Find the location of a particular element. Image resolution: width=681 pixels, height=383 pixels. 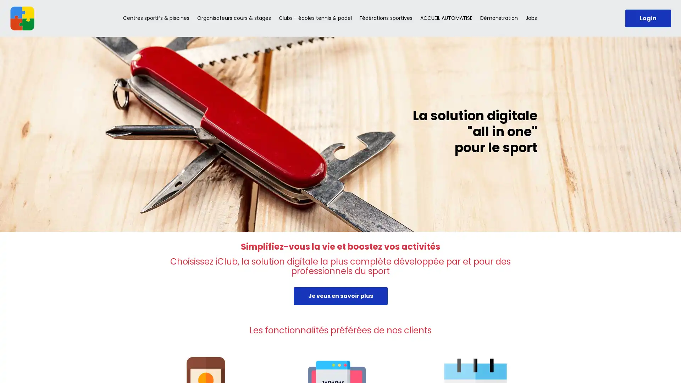

Centres sportifs & piscines is located at coordinates (155, 18).